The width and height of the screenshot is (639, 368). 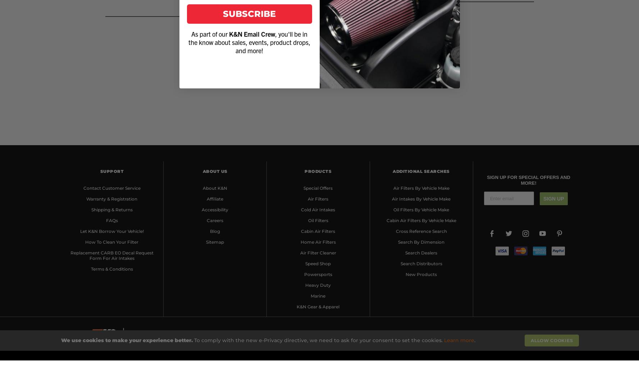 I want to click on 'Air Filter Cleaner', so click(x=318, y=253).